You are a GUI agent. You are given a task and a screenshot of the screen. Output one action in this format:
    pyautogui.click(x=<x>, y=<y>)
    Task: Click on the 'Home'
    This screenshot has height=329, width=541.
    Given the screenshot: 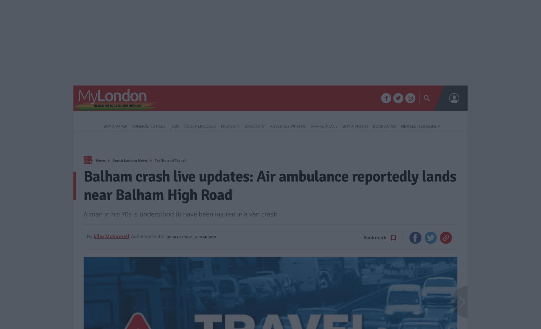 What is the action you would take?
    pyautogui.click(x=97, y=158)
    